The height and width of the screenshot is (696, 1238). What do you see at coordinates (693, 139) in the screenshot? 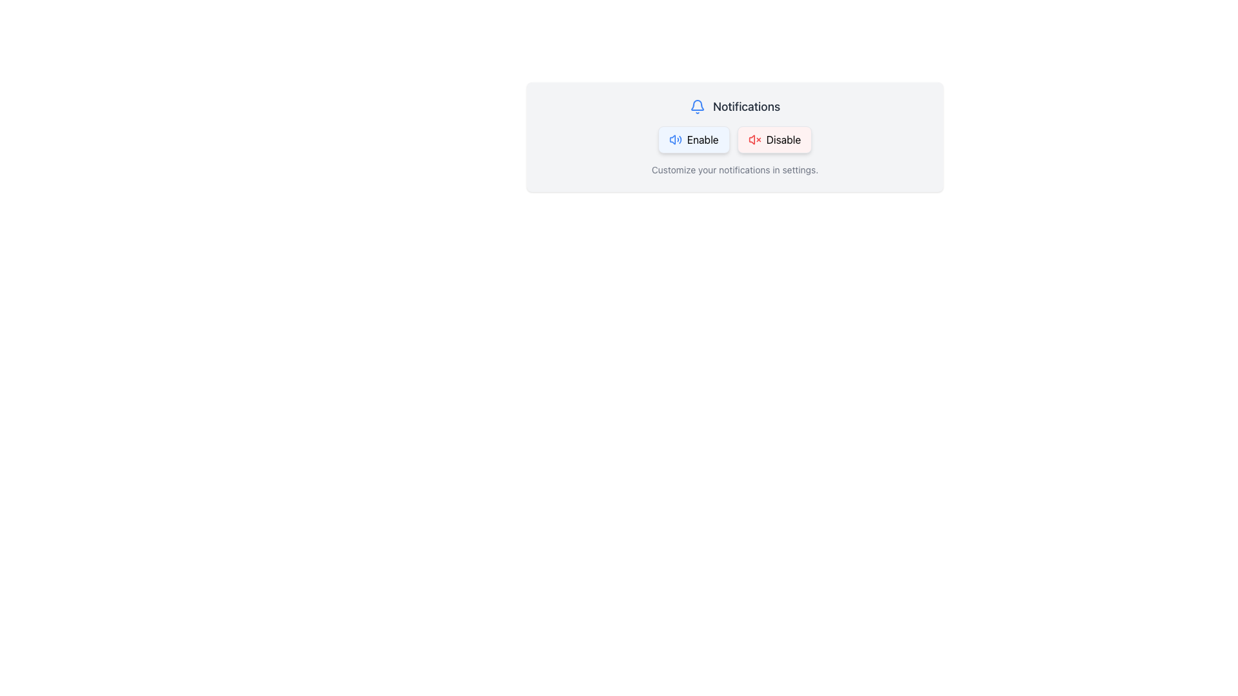
I see `the 'Enable' button, which has a light blue background and a loudspeaker icon` at bounding box center [693, 139].